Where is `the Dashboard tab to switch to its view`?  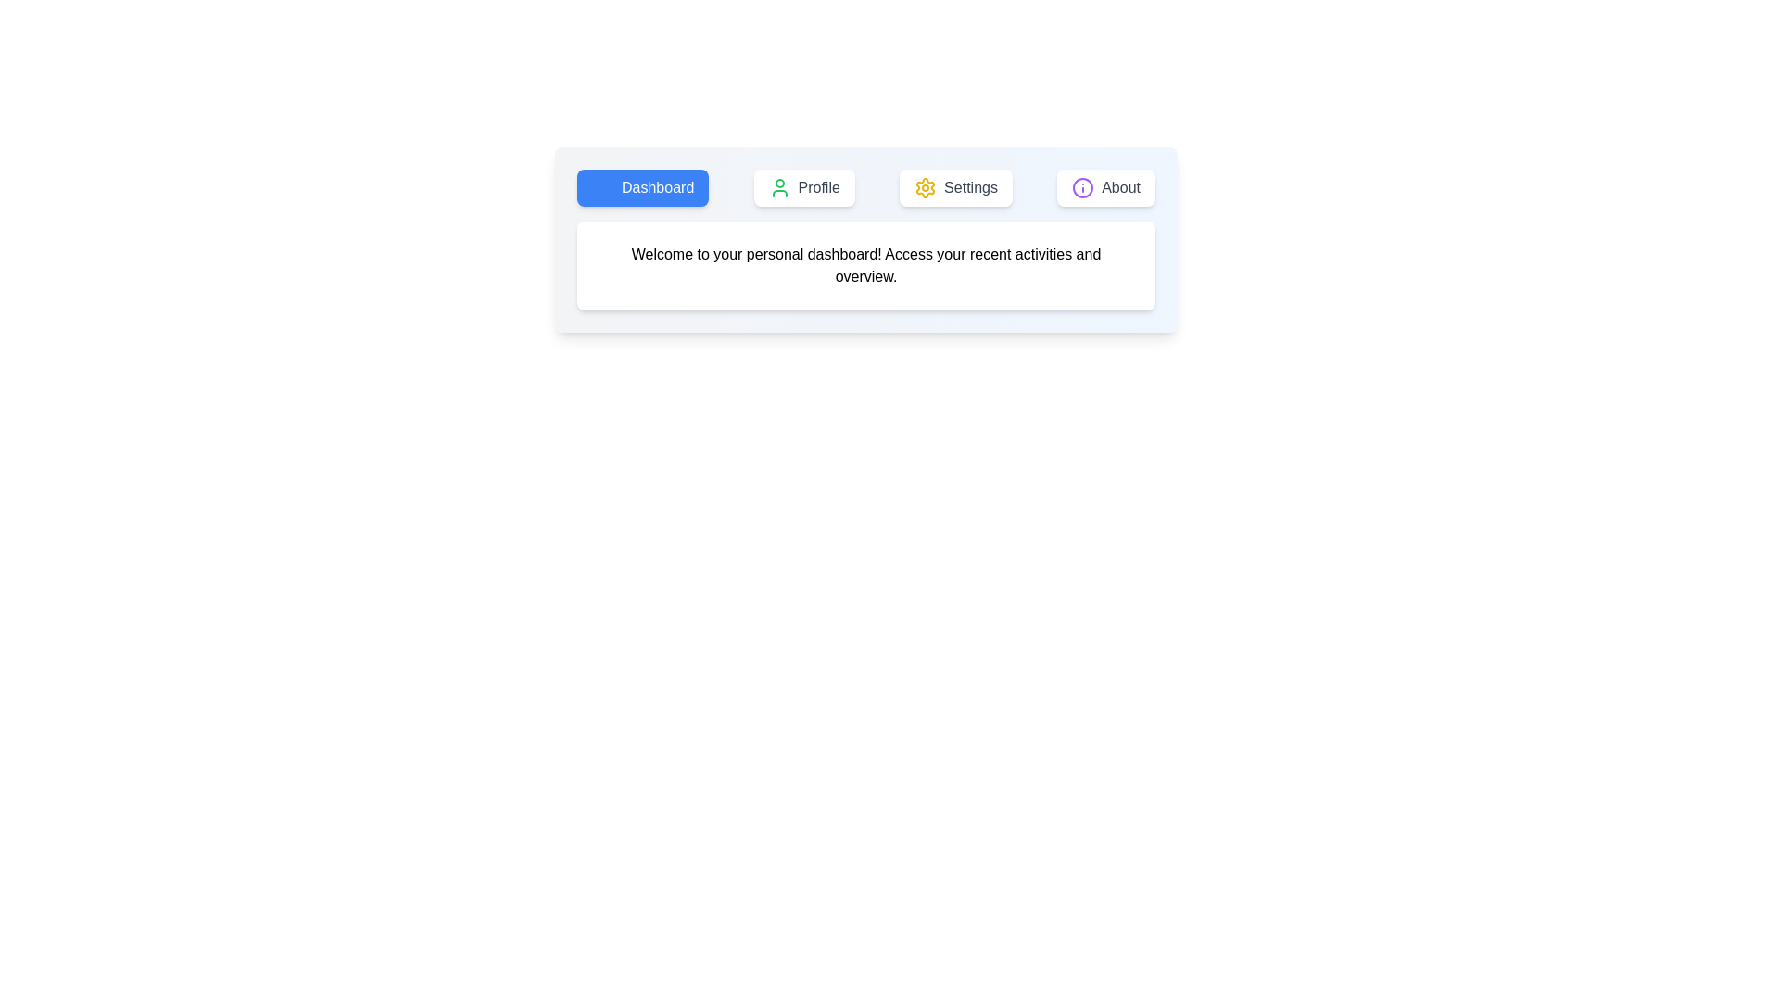
the Dashboard tab to switch to its view is located at coordinates (643, 188).